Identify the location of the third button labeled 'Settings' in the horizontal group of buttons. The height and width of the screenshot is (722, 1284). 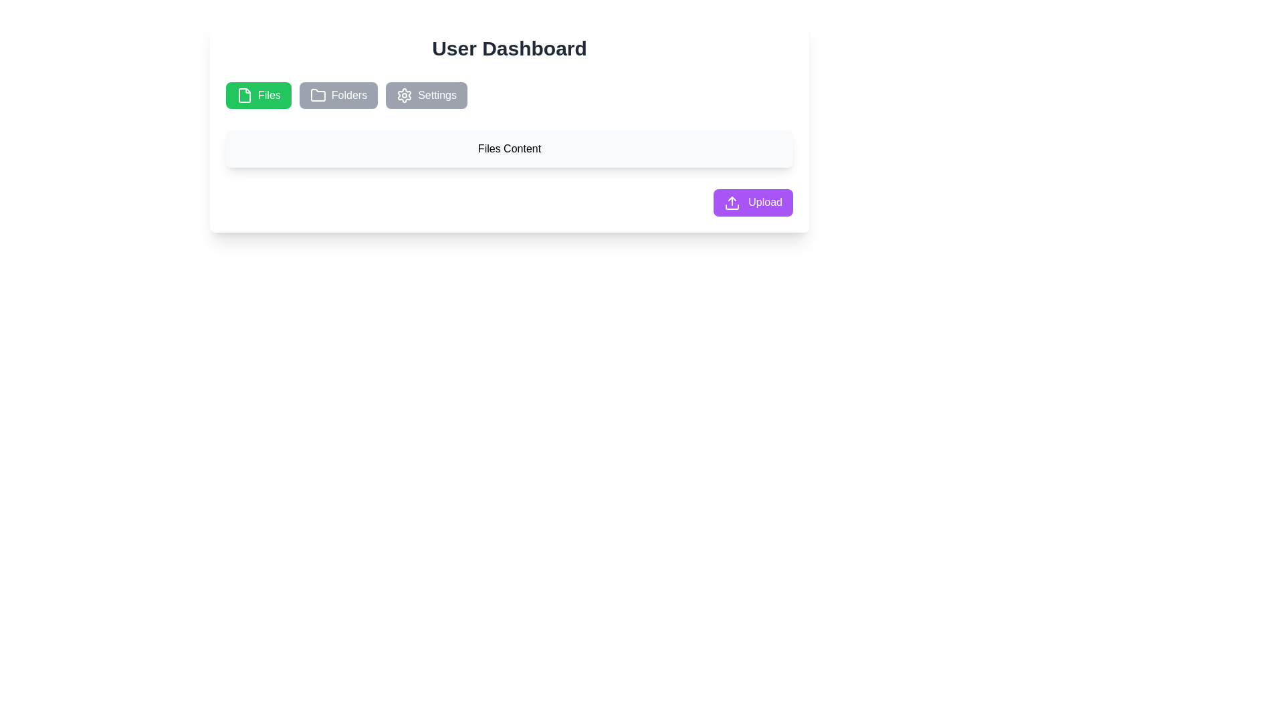
(426, 94).